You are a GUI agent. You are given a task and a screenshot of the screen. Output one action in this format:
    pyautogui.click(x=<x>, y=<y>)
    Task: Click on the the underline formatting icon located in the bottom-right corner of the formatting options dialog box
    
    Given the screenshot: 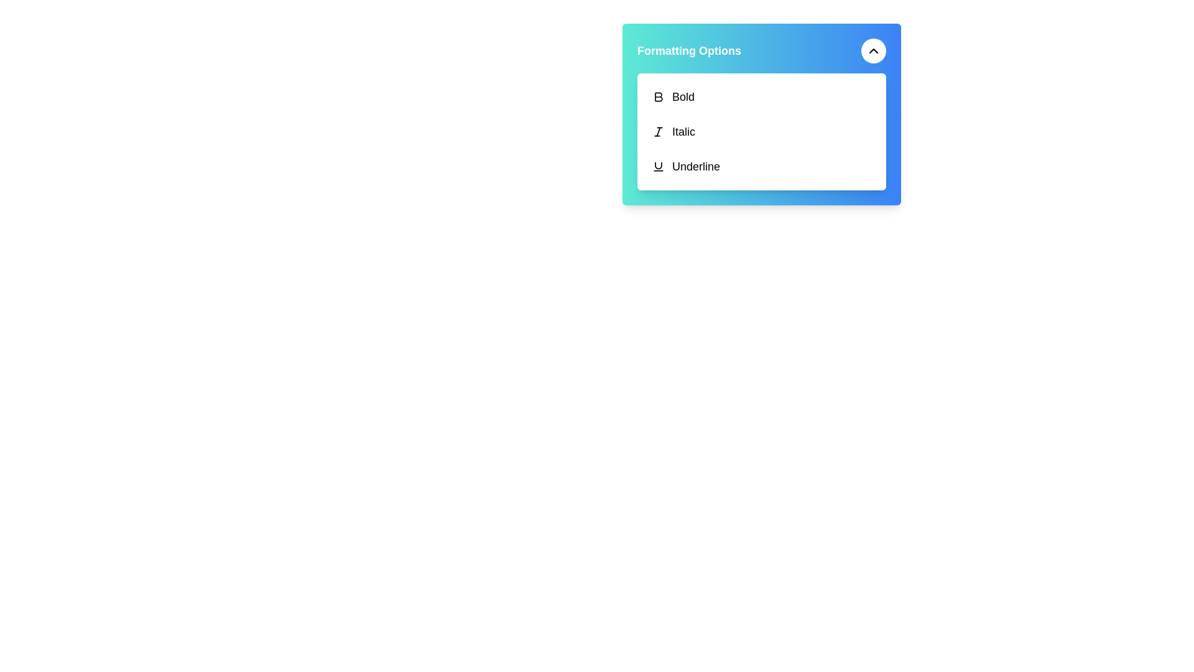 What is the action you would take?
    pyautogui.click(x=658, y=165)
    